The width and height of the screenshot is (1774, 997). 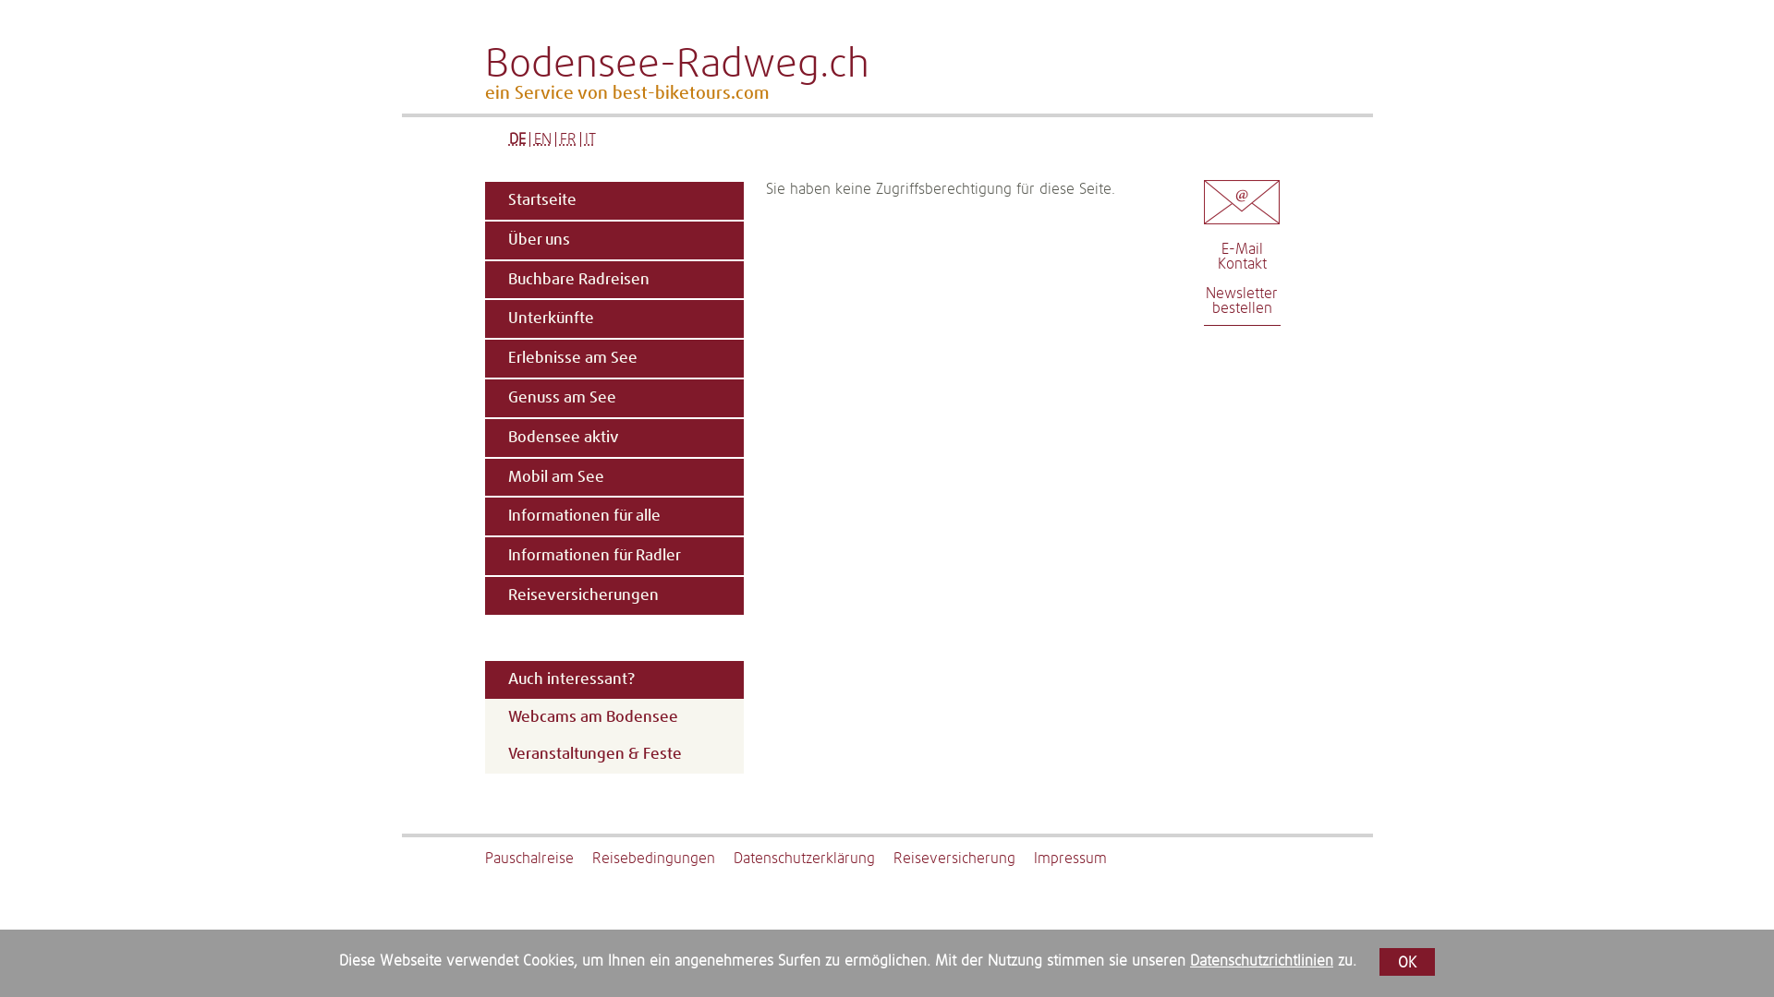 What do you see at coordinates (1405, 960) in the screenshot?
I see `'OK'` at bounding box center [1405, 960].